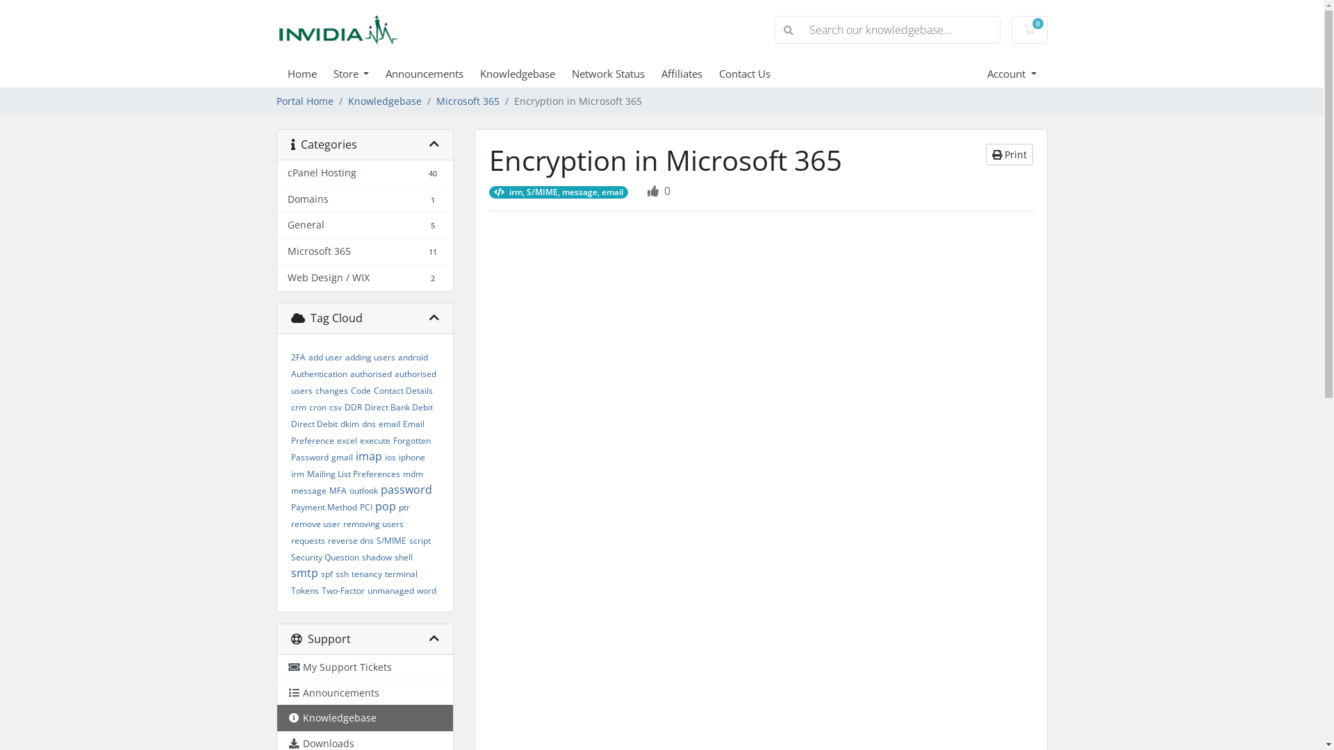 The width and height of the screenshot is (1334, 750). What do you see at coordinates (336, 406) in the screenshot?
I see `'csv'` at bounding box center [336, 406].